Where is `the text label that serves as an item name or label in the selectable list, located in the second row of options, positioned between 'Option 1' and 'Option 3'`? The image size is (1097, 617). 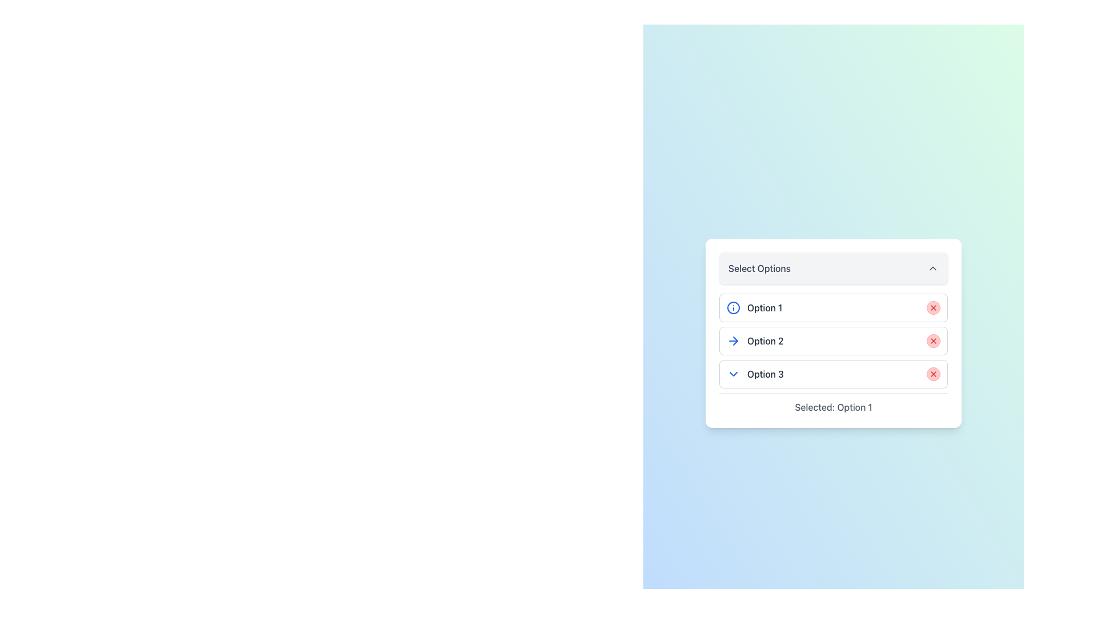
the text label that serves as an item name or label in the selectable list, located in the second row of options, positioned between 'Option 1' and 'Option 3' is located at coordinates (765, 340).